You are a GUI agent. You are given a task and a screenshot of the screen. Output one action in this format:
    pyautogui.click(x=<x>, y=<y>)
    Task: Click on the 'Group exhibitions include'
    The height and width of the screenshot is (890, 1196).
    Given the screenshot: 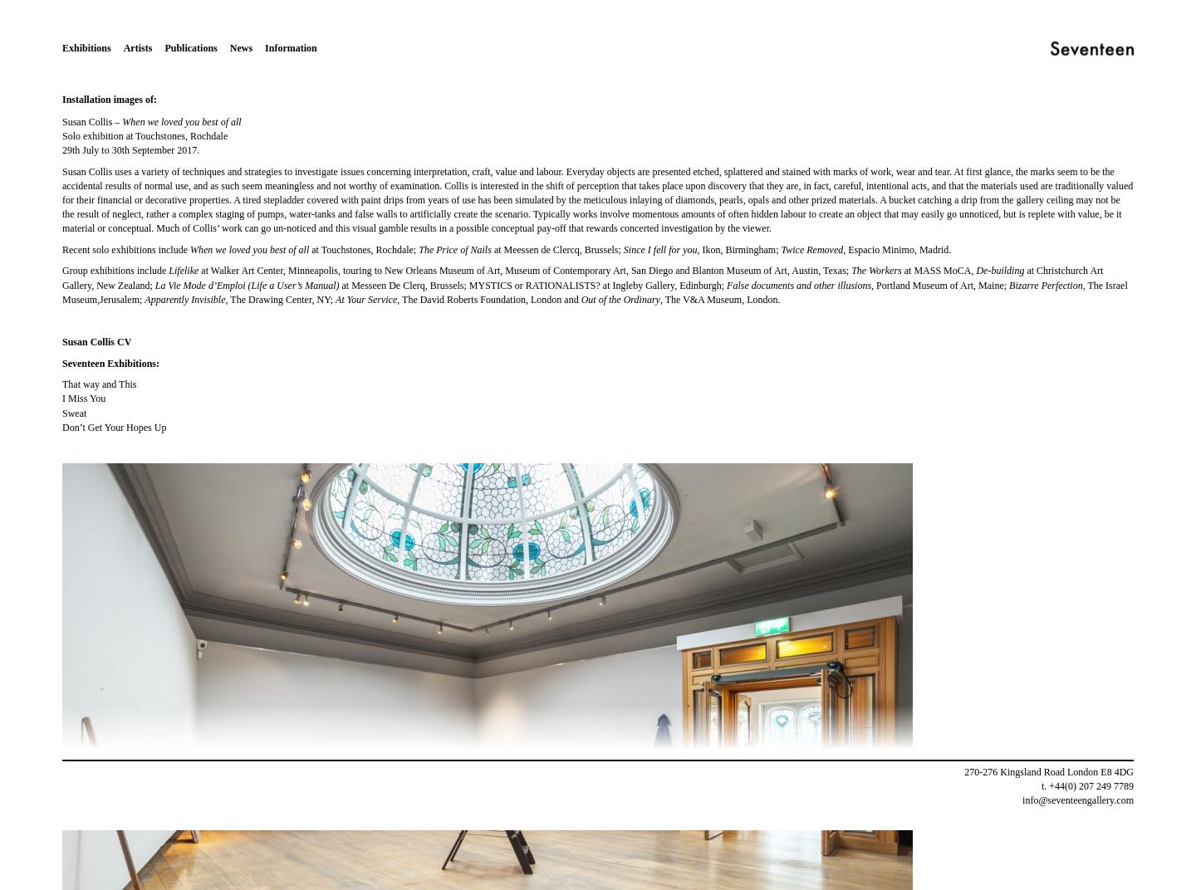 What is the action you would take?
    pyautogui.click(x=114, y=269)
    